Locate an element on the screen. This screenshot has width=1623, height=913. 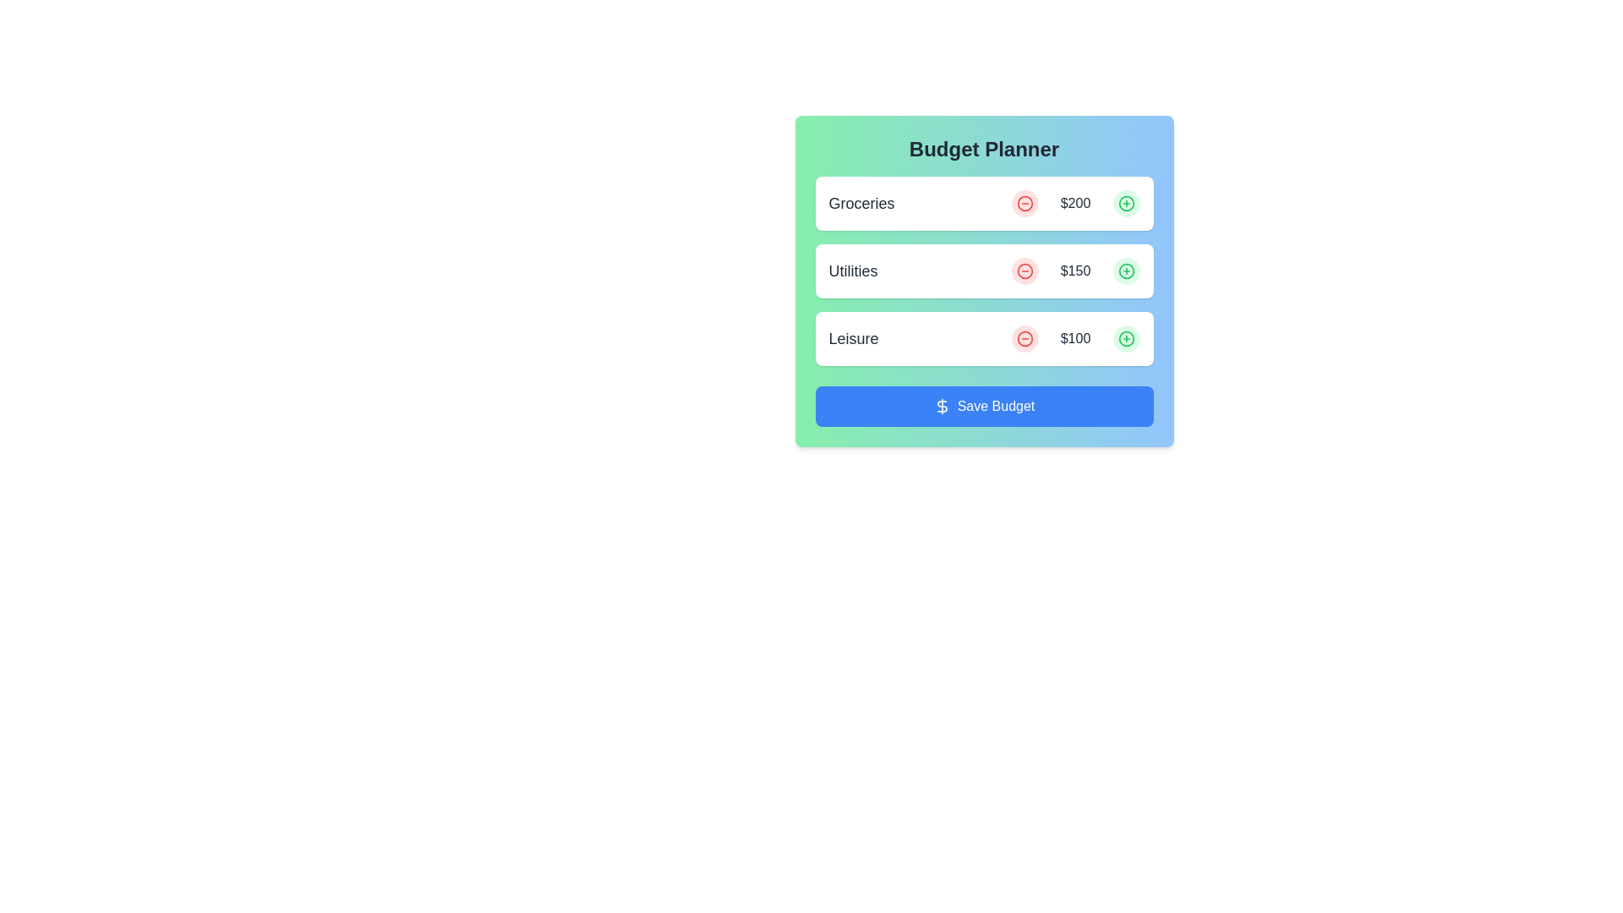
the monetary action icon located to the left of the text label within the 'Save Budget' button is located at coordinates (941, 407).